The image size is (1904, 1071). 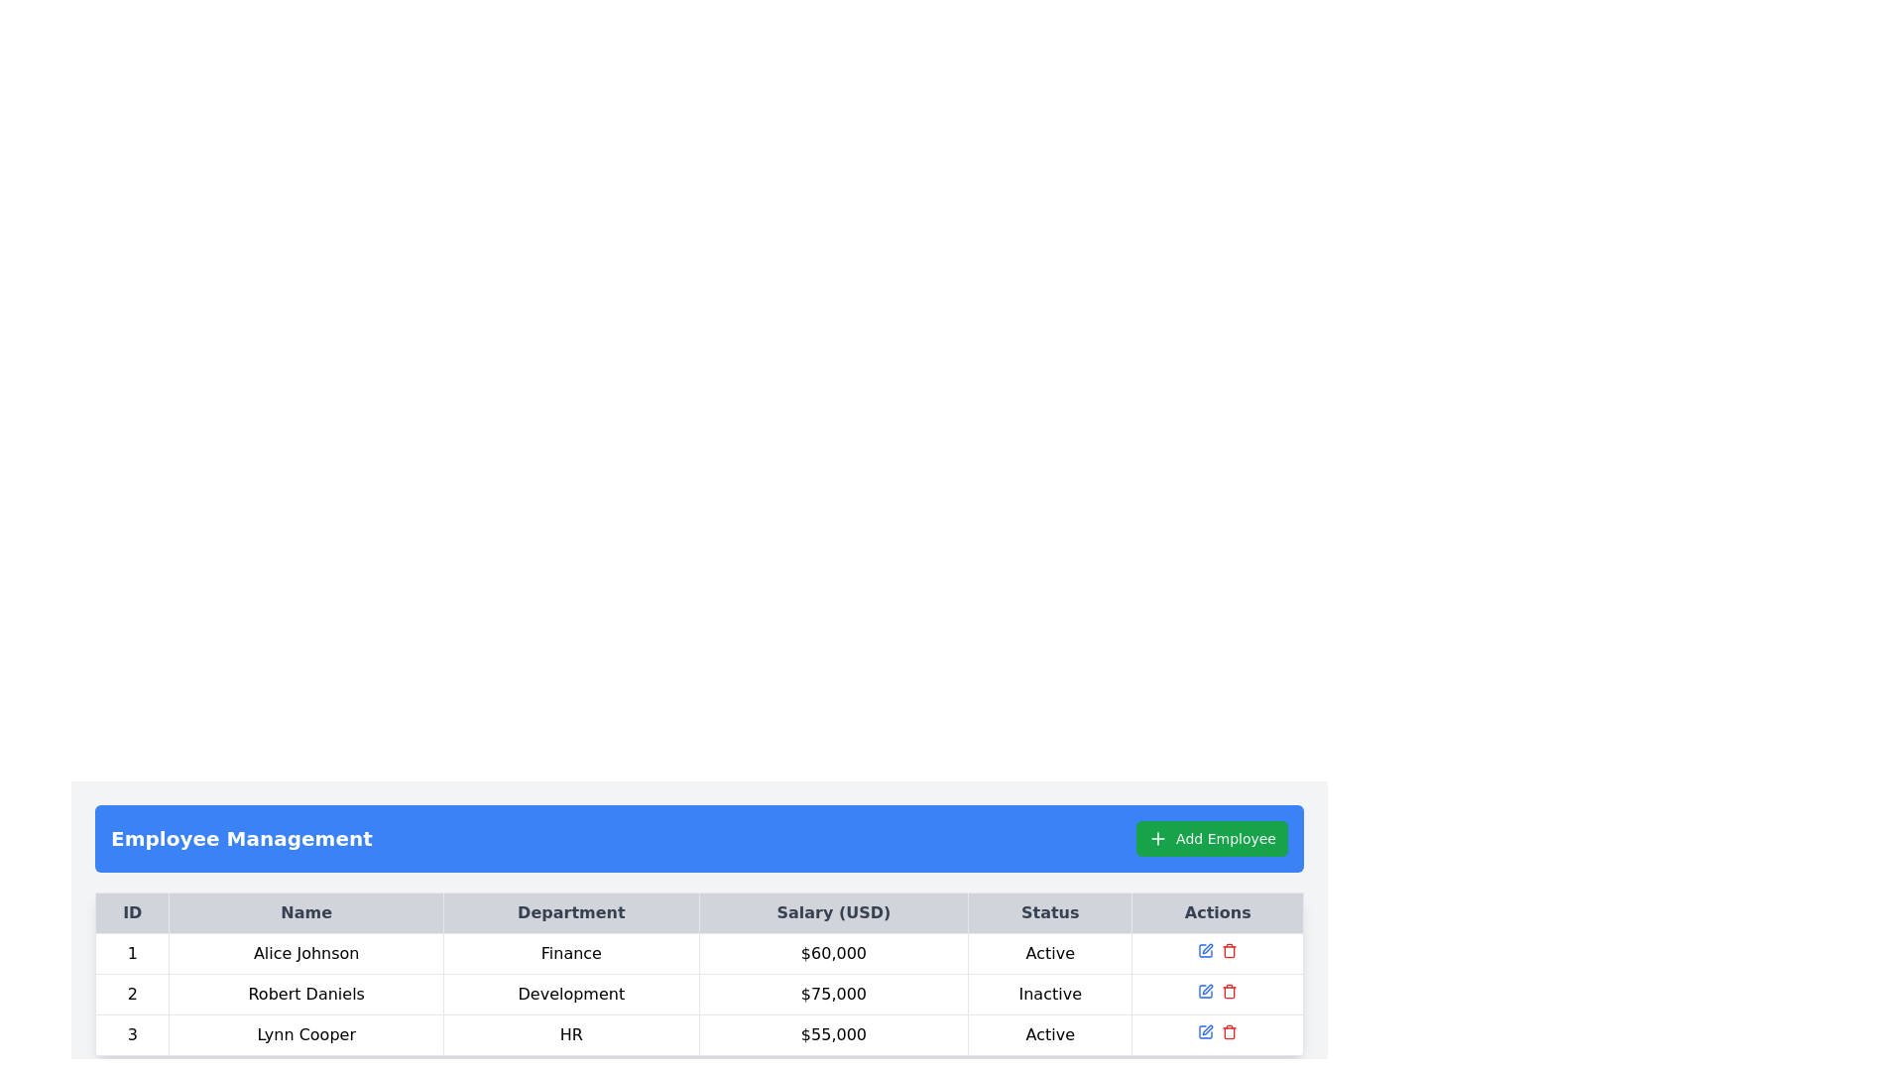 What do you see at coordinates (1229, 991) in the screenshot?
I see `the red trash bin icon button located in the 'Actions' column of the last row of the table` at bounding box center [1229, 991].